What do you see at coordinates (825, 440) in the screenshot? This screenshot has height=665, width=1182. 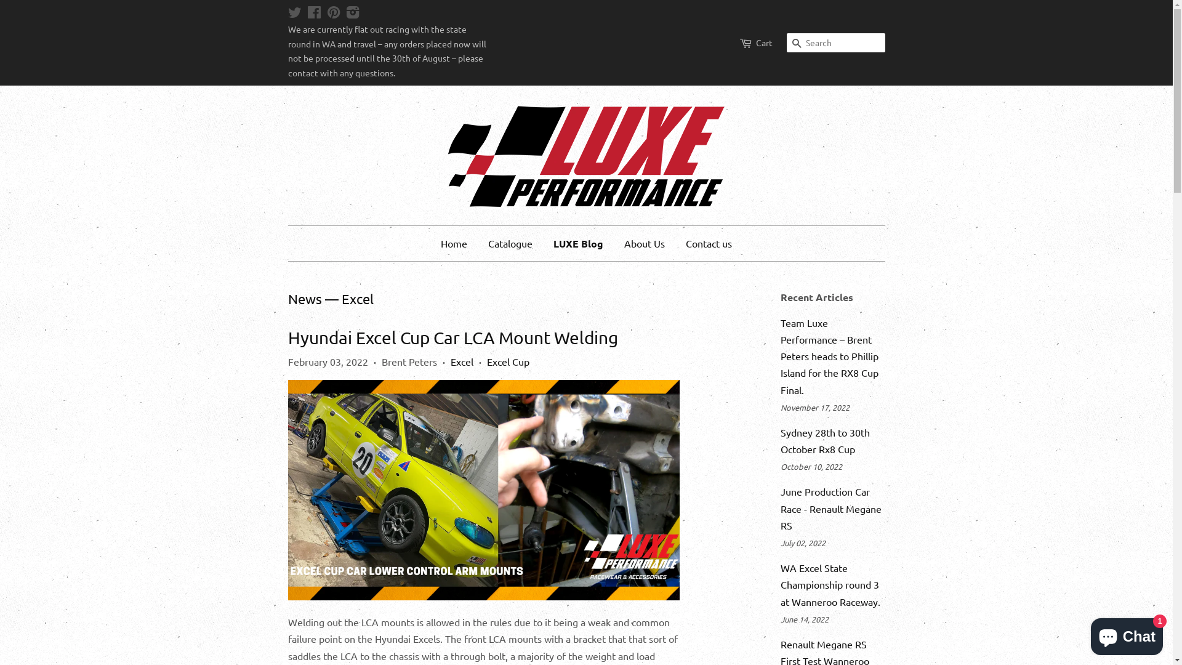 I see `'Sydney 28th to 30th October Rx8 Cup'` at bounding box center [825, 440].